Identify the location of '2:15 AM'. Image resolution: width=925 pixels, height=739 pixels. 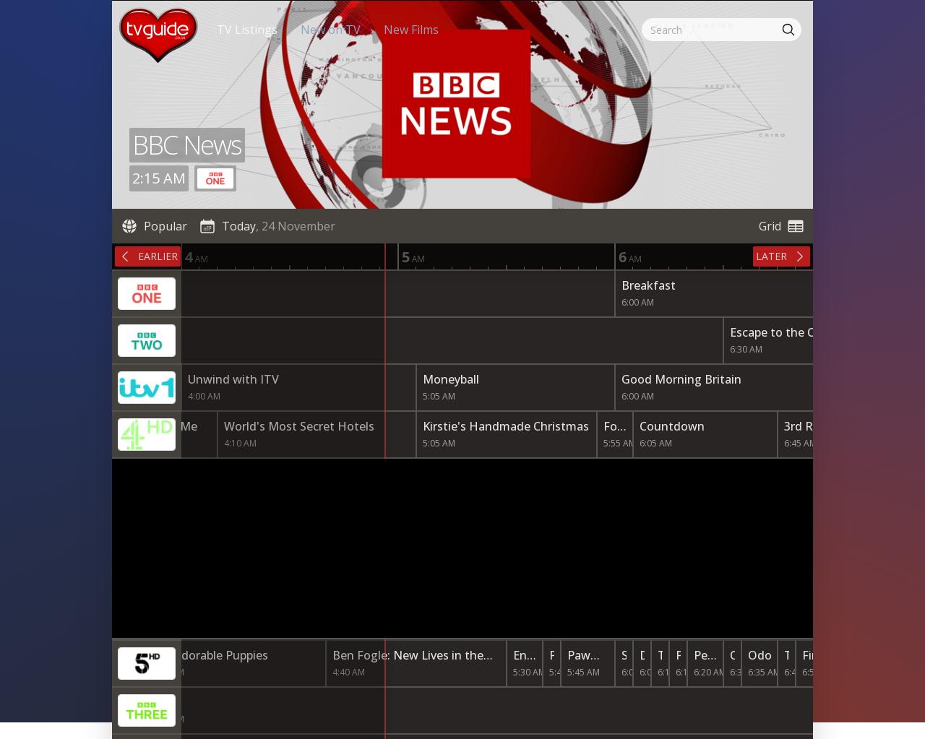
(159, 178).